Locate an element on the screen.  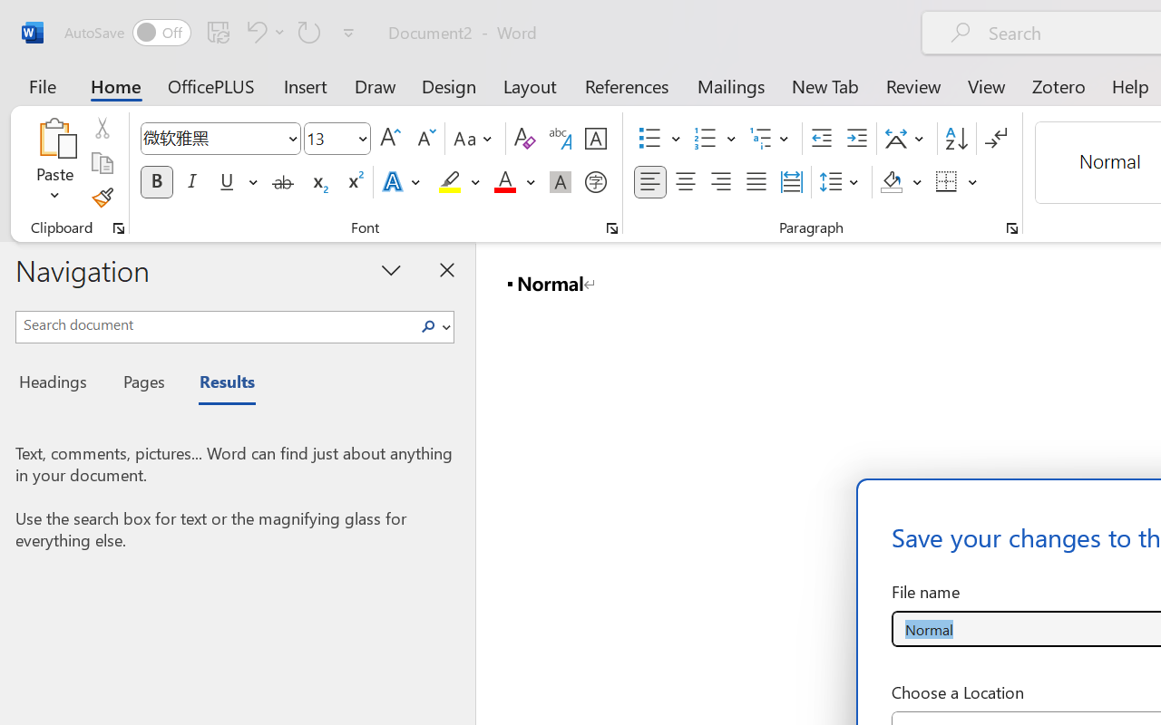
'Draw' is located at coordinates (375, 85).